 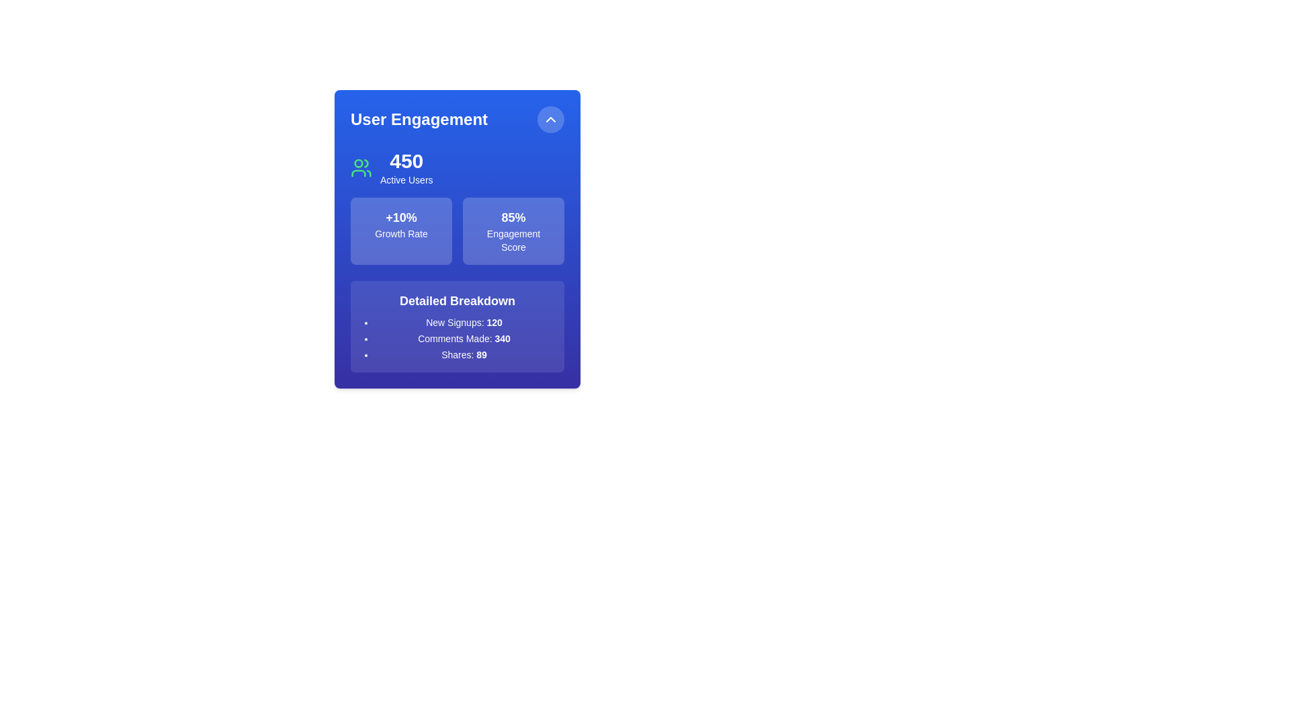 I want to click on the text display element that shows 'Comments Made: 340', which is the second item in the 'Detailed Breakdown' section, so click(x=464, y=338).